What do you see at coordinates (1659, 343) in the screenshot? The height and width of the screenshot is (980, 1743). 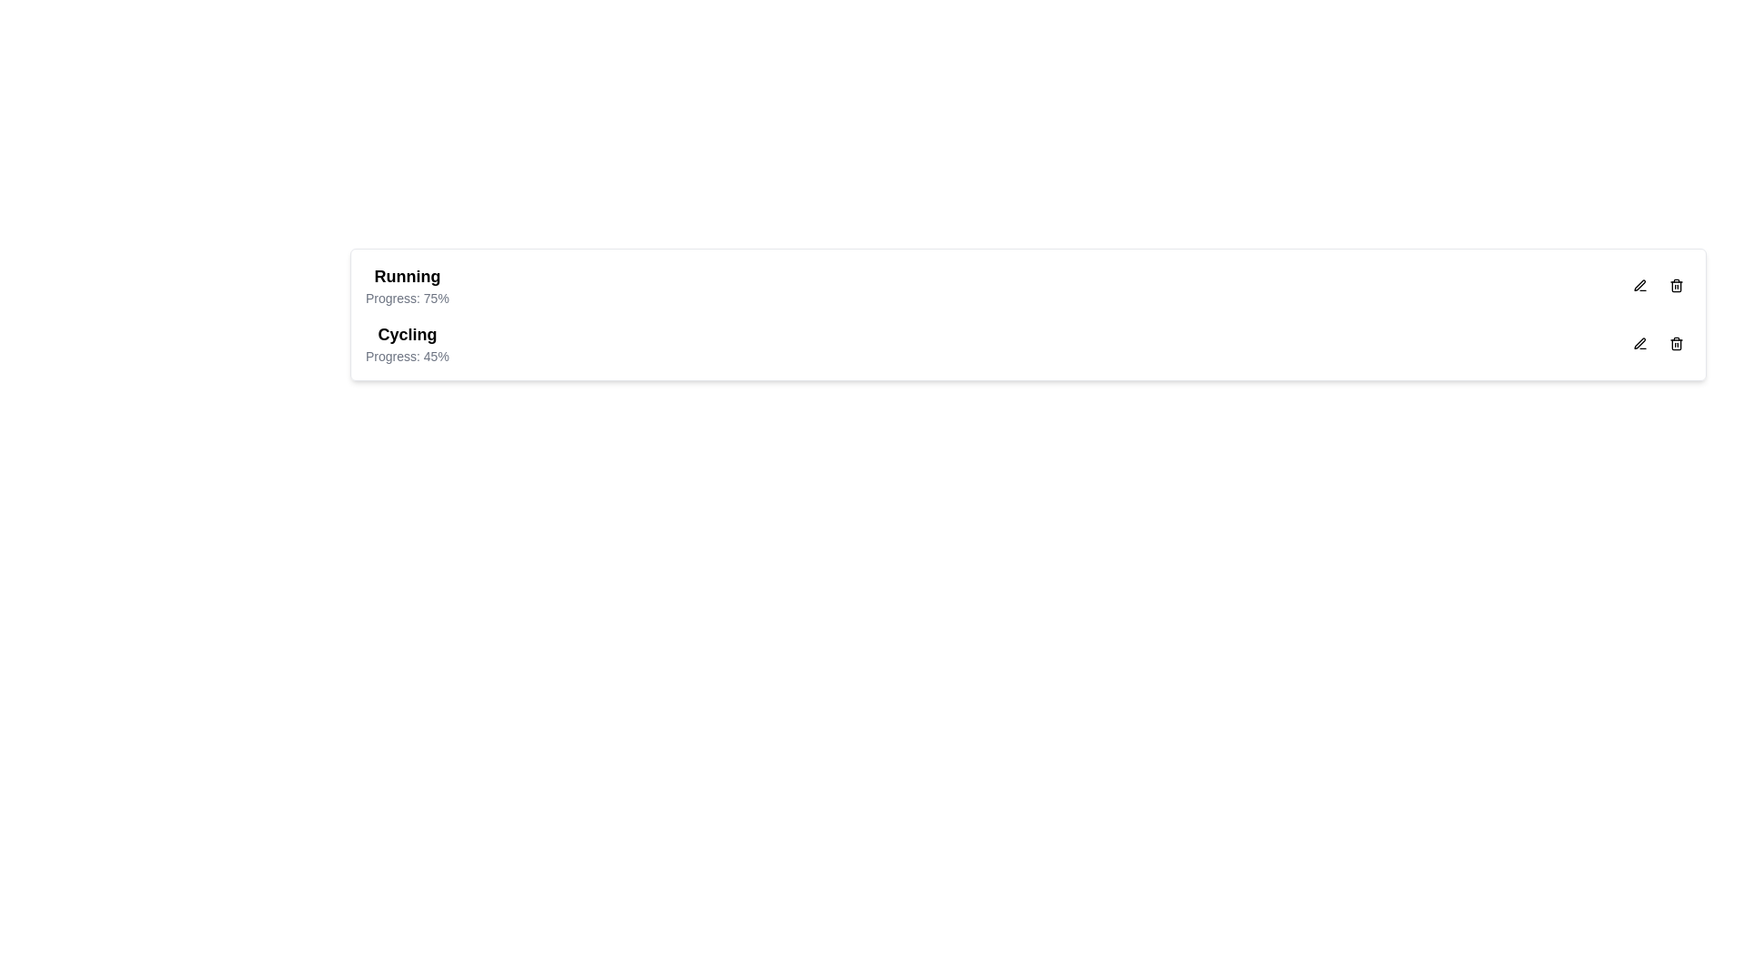 I see `the edit and delete icons located at the far right of the row showing 'Cycling' and 'Progress: 45%'` at bounding box center [1659, 343].